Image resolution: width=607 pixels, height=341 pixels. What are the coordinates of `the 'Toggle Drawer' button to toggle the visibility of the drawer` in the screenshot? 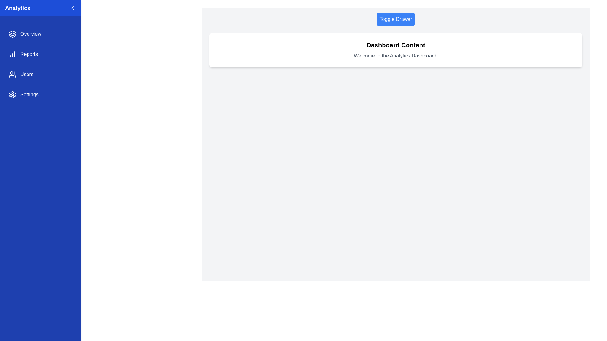 It's located at (395, 19).